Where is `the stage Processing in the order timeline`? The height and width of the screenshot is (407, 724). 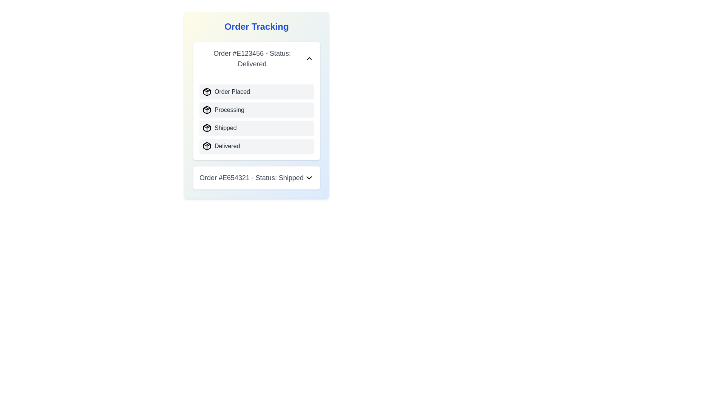 the stage Processing in the order timeline is located at coordinates (207, 110).